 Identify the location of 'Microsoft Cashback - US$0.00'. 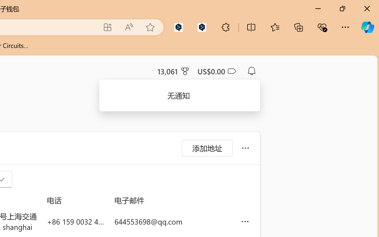
(216, 71).